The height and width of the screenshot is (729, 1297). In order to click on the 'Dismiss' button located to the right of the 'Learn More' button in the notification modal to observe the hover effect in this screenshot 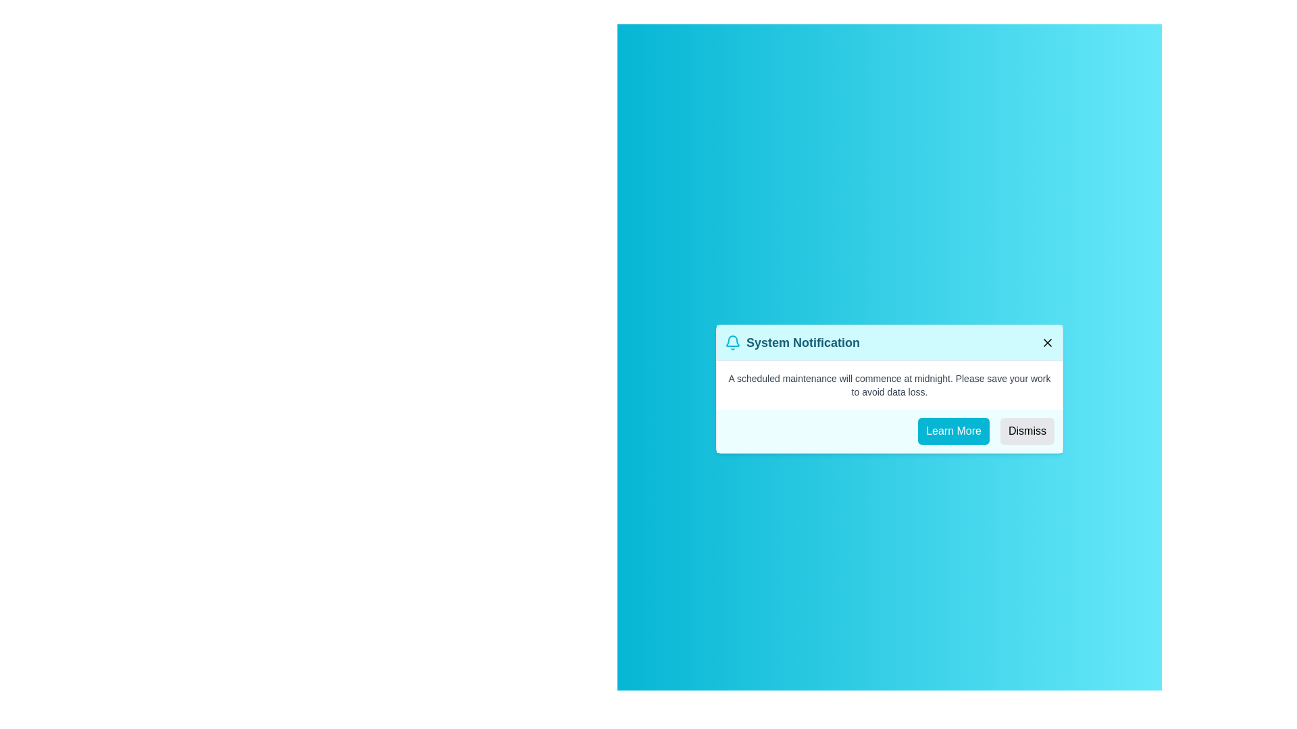, I will do `click(1027, 430)`.